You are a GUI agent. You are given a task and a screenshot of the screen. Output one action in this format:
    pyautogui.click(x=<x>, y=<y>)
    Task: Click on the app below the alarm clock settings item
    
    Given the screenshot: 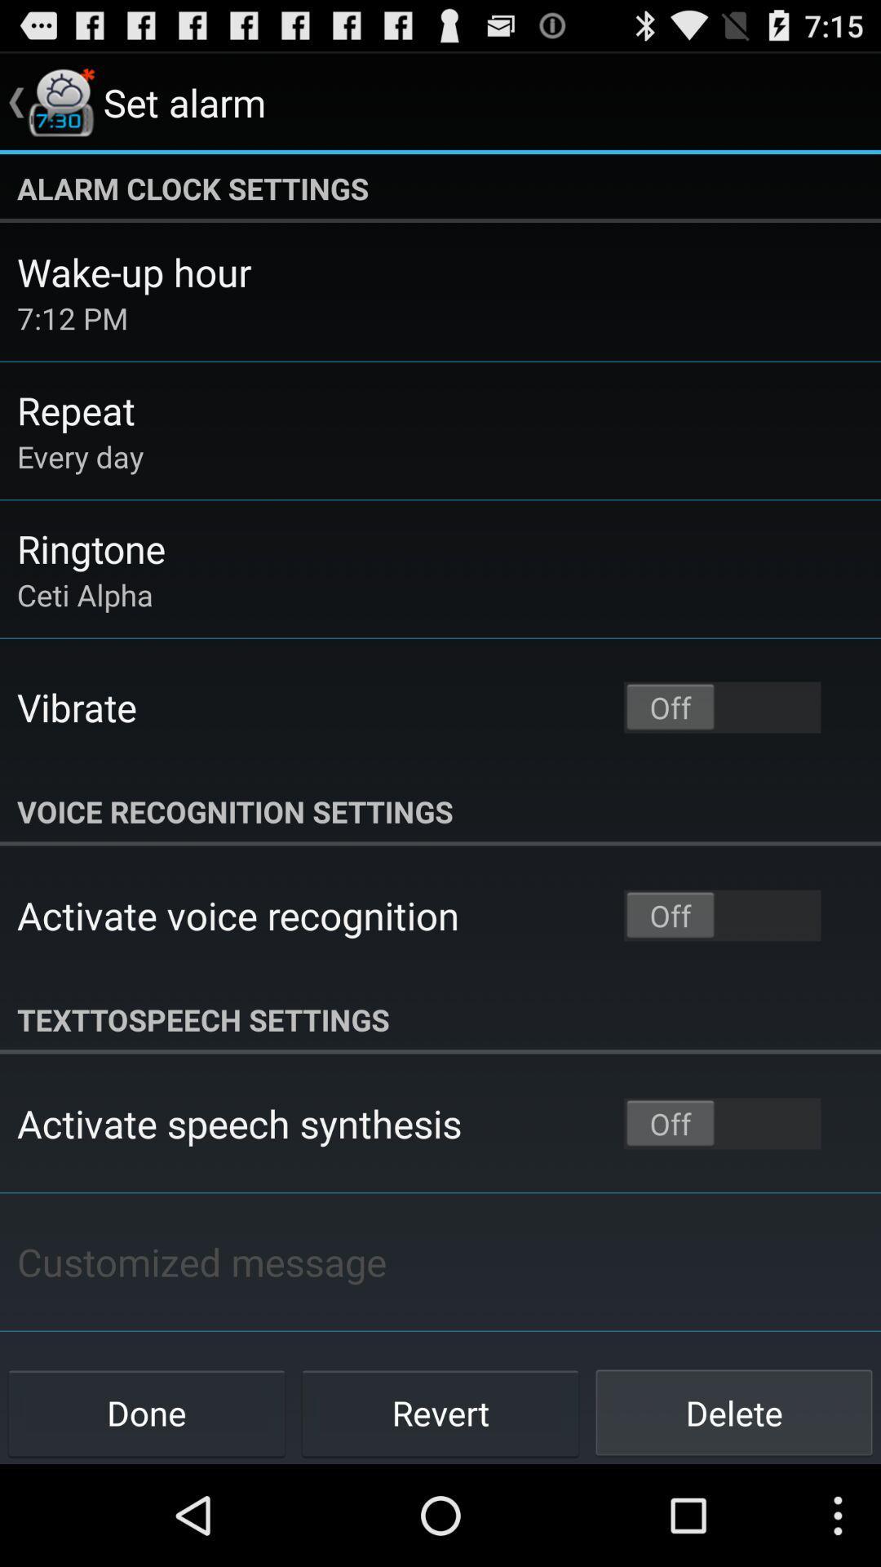 What is the action you would take?
    pyautogui.click(x=133, y=272)
    